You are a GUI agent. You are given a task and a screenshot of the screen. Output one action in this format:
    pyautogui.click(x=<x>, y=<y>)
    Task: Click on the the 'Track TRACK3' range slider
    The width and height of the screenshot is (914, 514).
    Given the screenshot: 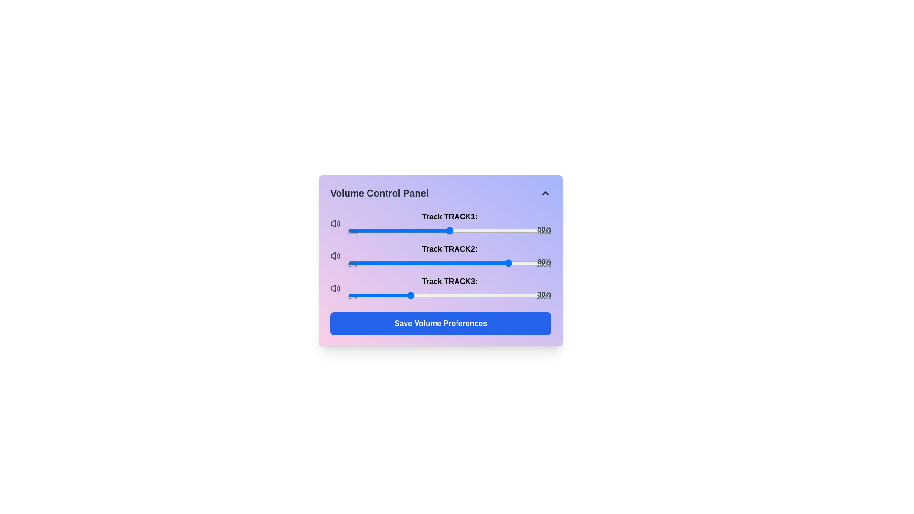 What is the action you would take?
    pyautogui.click(x=449, y=295)
    